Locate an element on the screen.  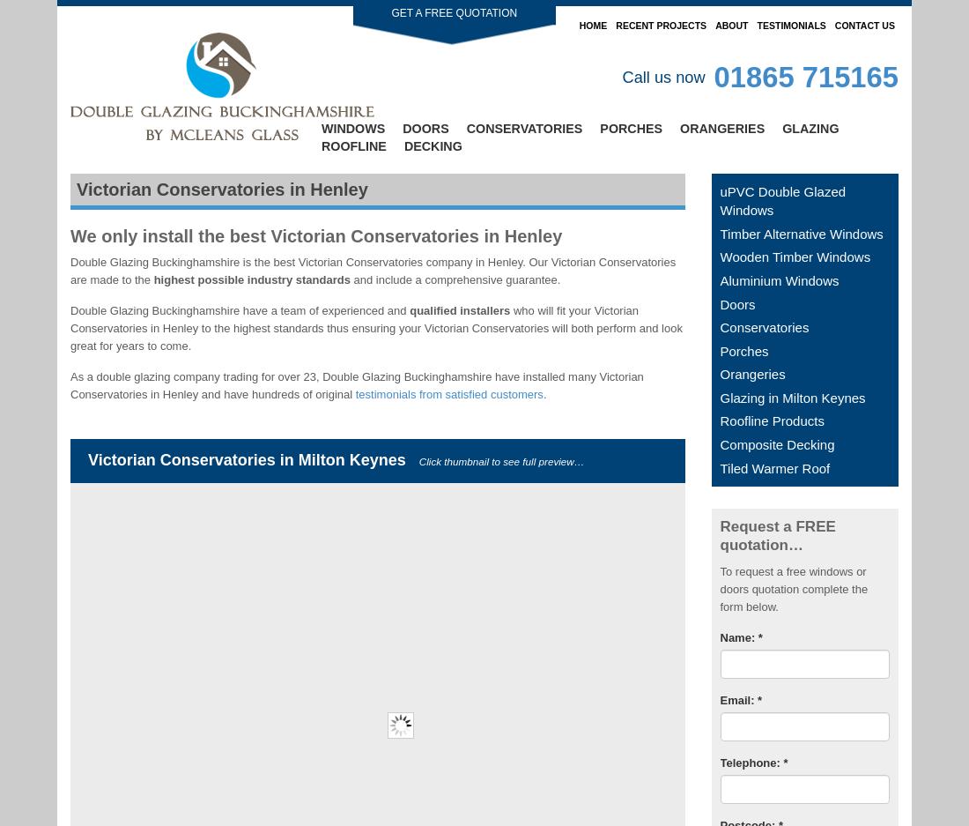
'and include a comprehensive guarantee.' is located at coordinates (455, 278).